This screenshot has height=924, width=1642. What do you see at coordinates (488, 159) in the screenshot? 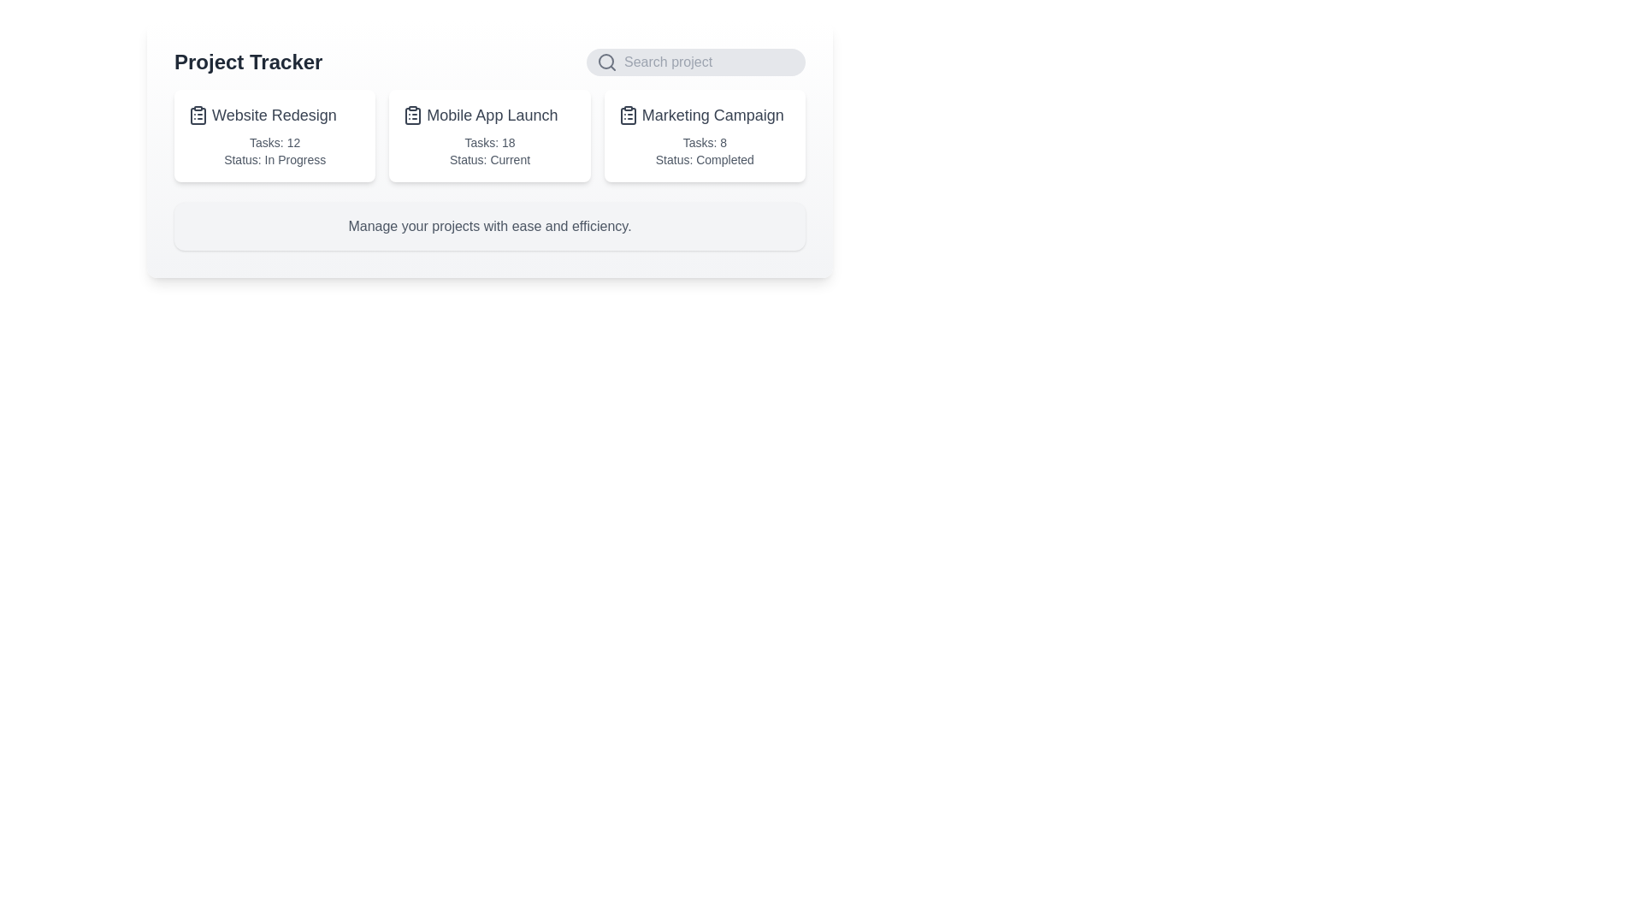
I see `the static text label displaying 'Status: Current', which is located below the 'Tasks: 18' text in the card titled 'Mobile App Launch'` at bounding box center [488, 159].